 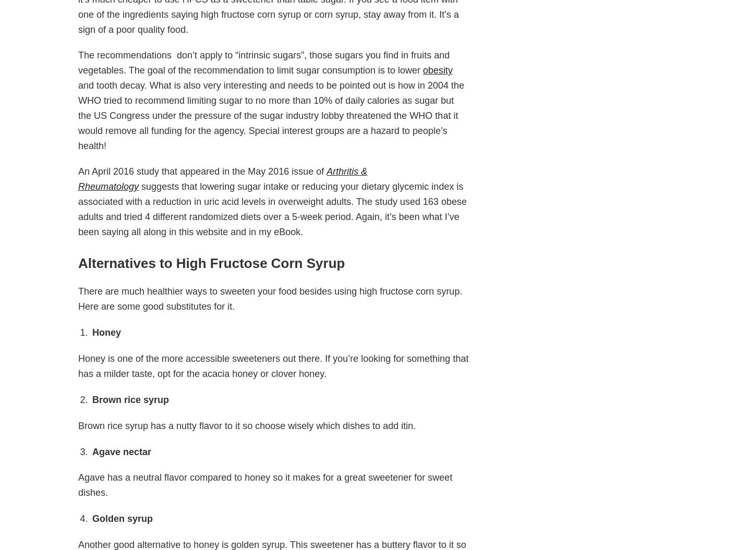 I want to click on 'suggests that lowering sugar intake or reducing your dietary glycemic index is associated with a reduction in uric acid levels in overweight adults. The study used 163 obese adults and tried 4 different randomized diets over a 5-week period. Again, it’s been what I’ve been saying all along in this website and in my eBook.', so click(x=272, y=209).